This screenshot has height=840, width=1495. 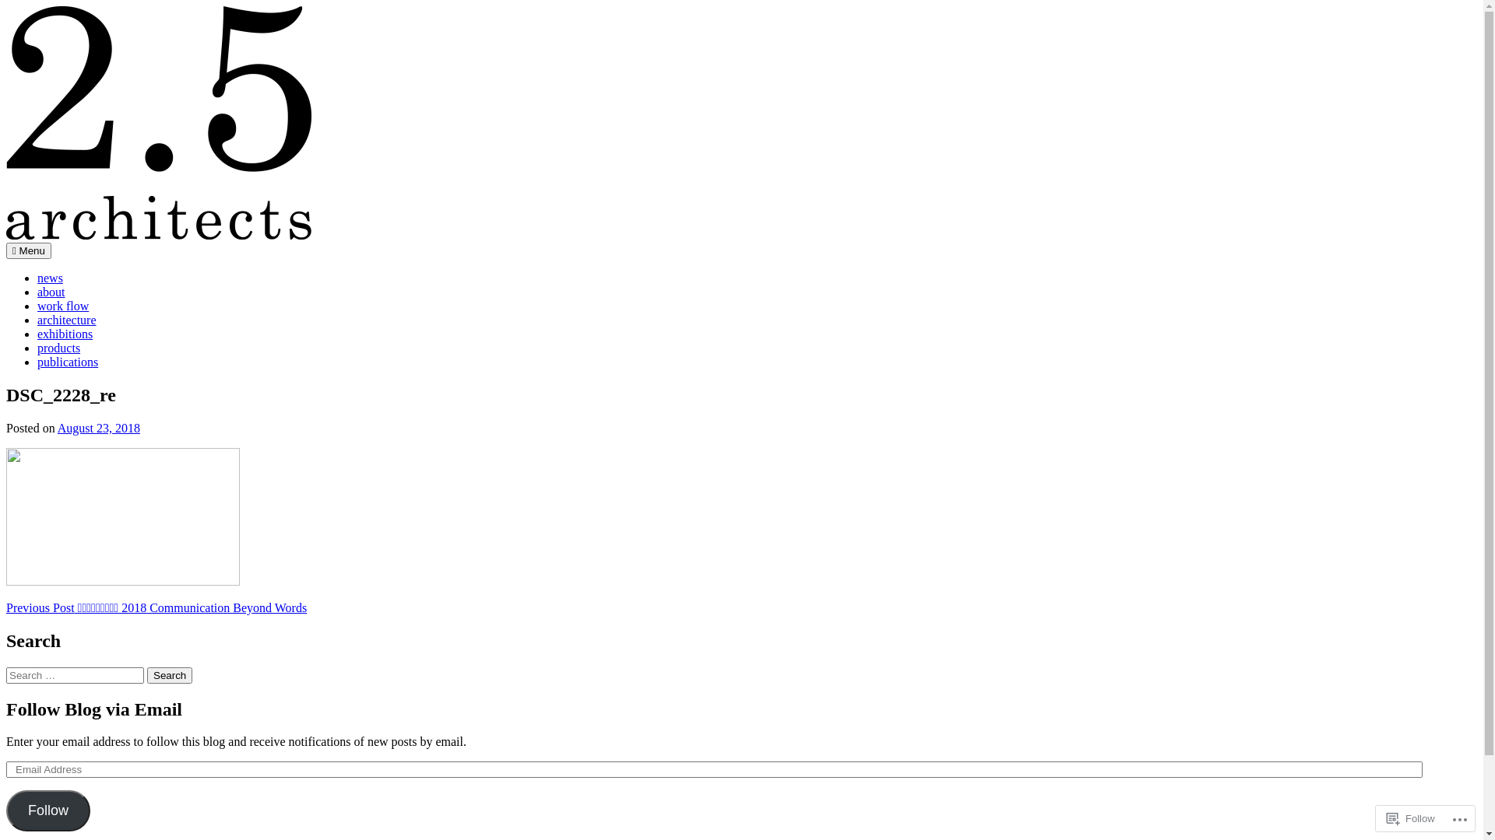 I want to click on 'publications', so click(x=66, y=362).